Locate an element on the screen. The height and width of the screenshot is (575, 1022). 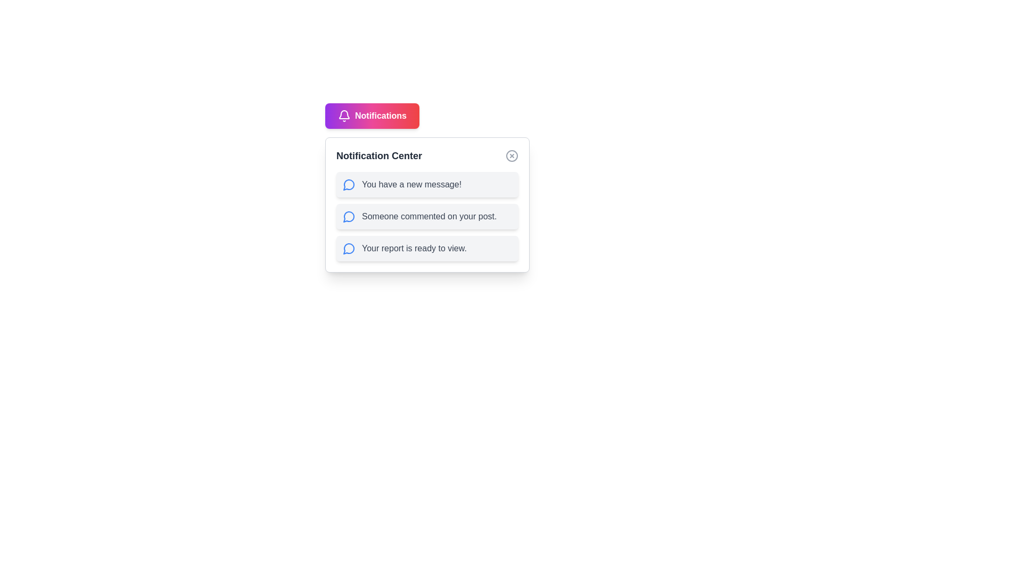
a notification item within the popup notification panel located below the purple notification button is located at coordinates (427, 205).